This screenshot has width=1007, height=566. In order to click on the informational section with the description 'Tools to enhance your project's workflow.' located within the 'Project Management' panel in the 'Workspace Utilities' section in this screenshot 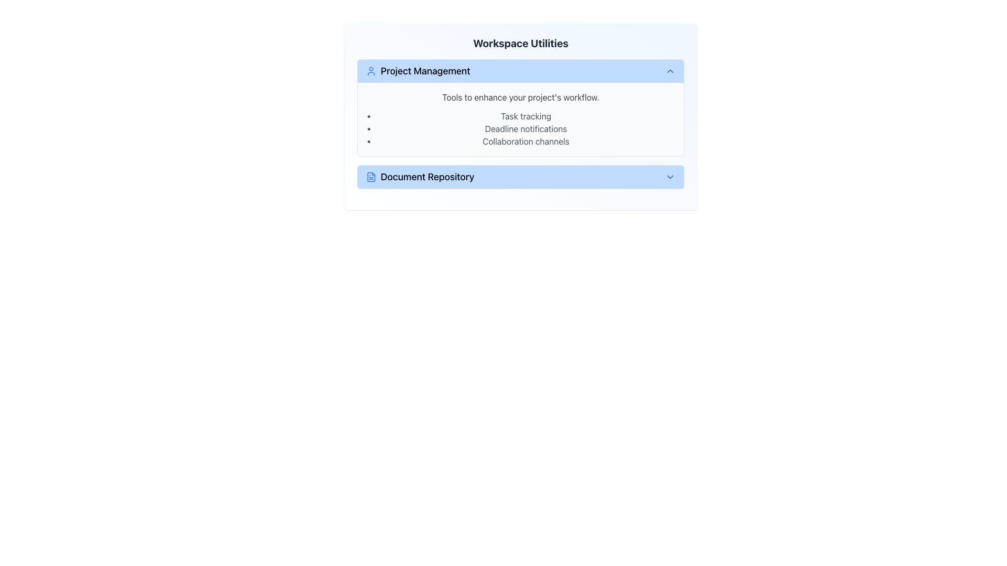, I will do `click(521, 118)`.